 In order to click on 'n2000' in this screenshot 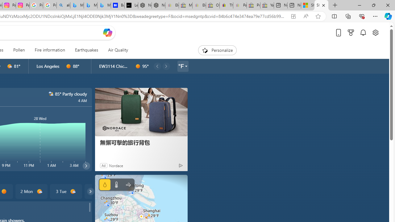, I will do `click(51, 94)`.